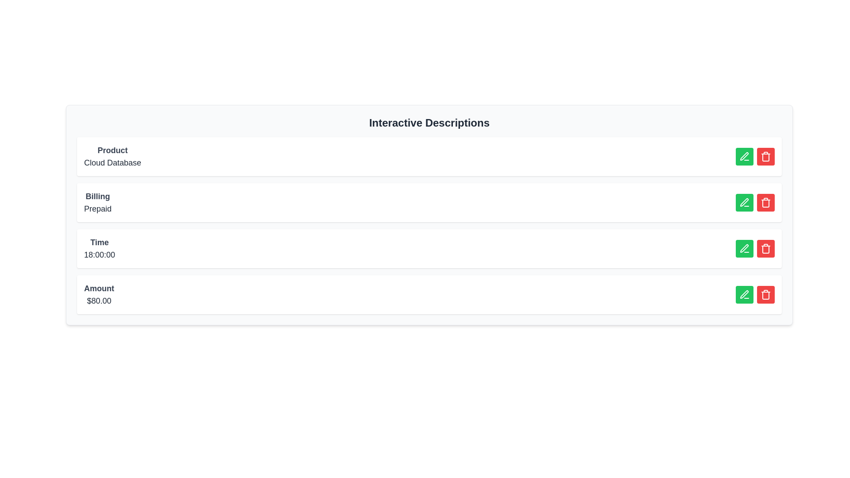  What do you see at coordinates (100, 242) in the screenshot?
I see `the 'Time' label, which is styled with a bold font and is the third item in a vertical list of labels` at bounding box center [100, 242].